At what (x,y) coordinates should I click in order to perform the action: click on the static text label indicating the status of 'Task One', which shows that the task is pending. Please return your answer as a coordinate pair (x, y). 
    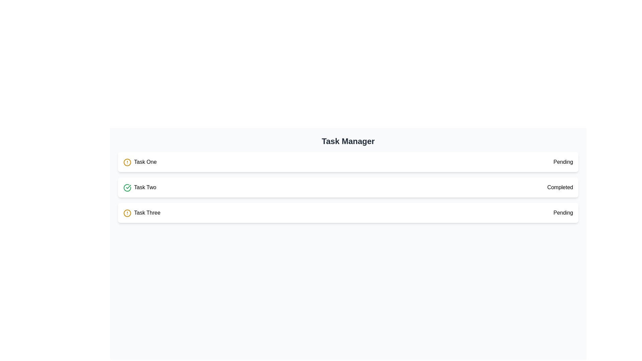
    Looking at the image, I should click on (563, 162).